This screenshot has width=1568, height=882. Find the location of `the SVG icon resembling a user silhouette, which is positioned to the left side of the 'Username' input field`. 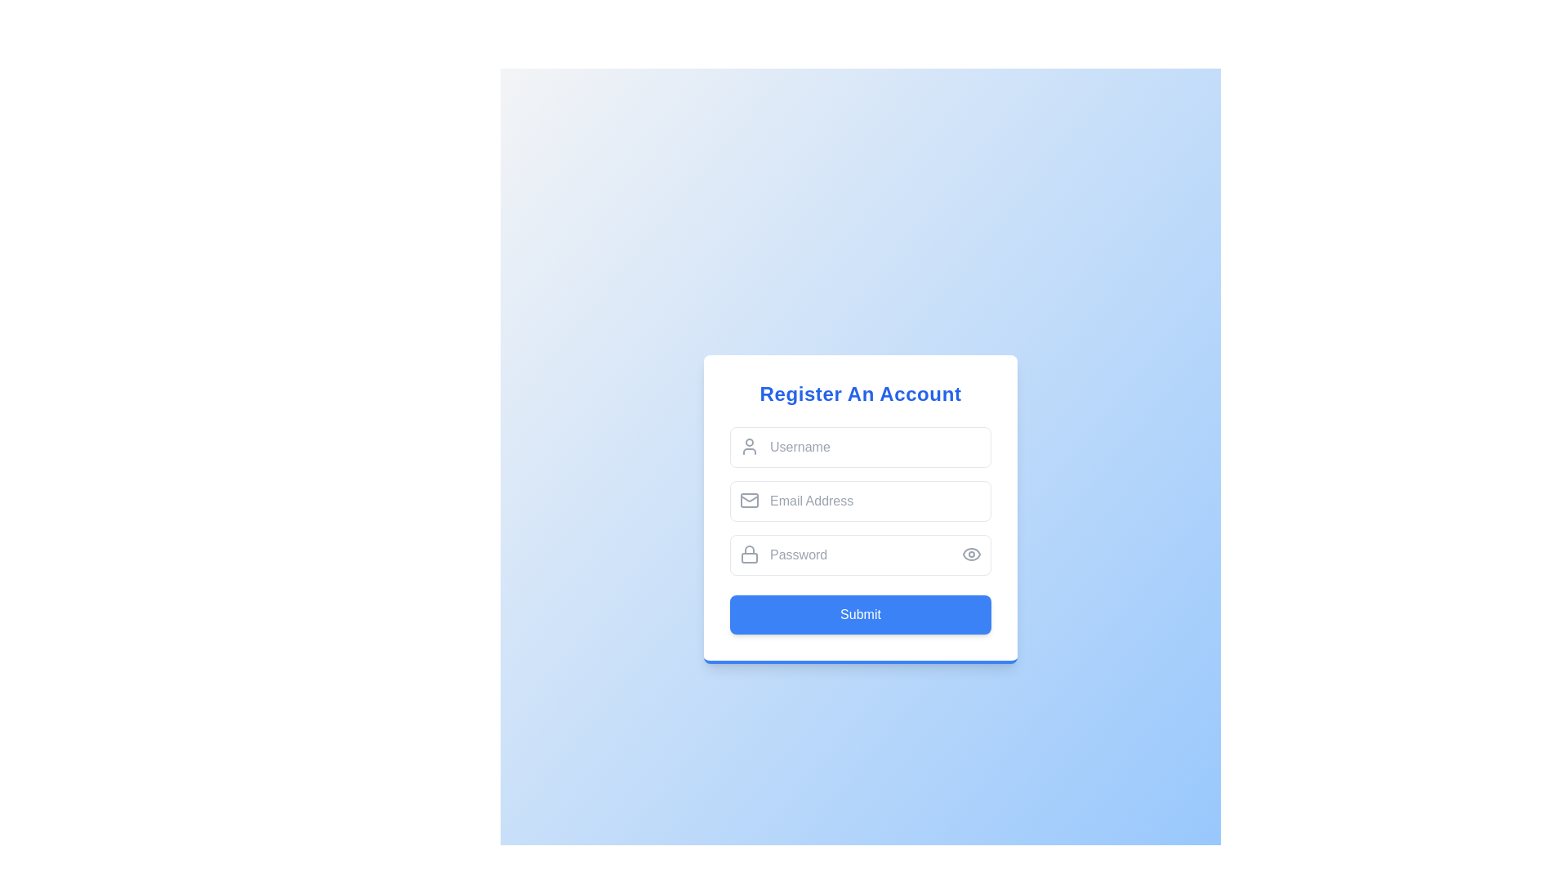

the SVG icon resembling a user silhouette, which is positioned to the left side of the 'Username' input field is located at coordinates (748, 447).